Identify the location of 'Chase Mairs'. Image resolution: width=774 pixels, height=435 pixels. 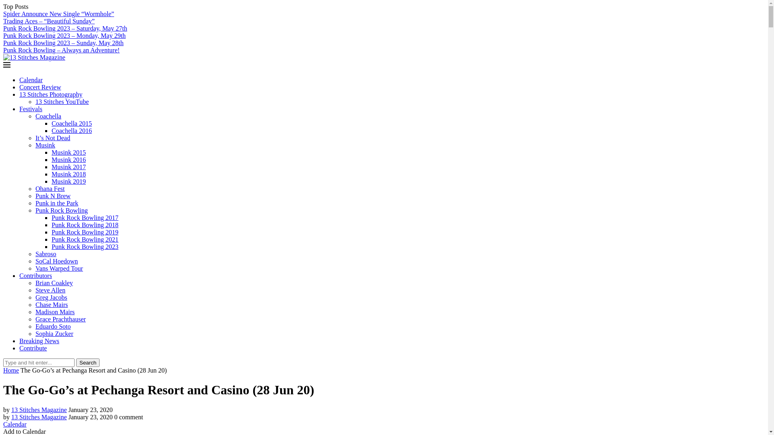
(51, 304).